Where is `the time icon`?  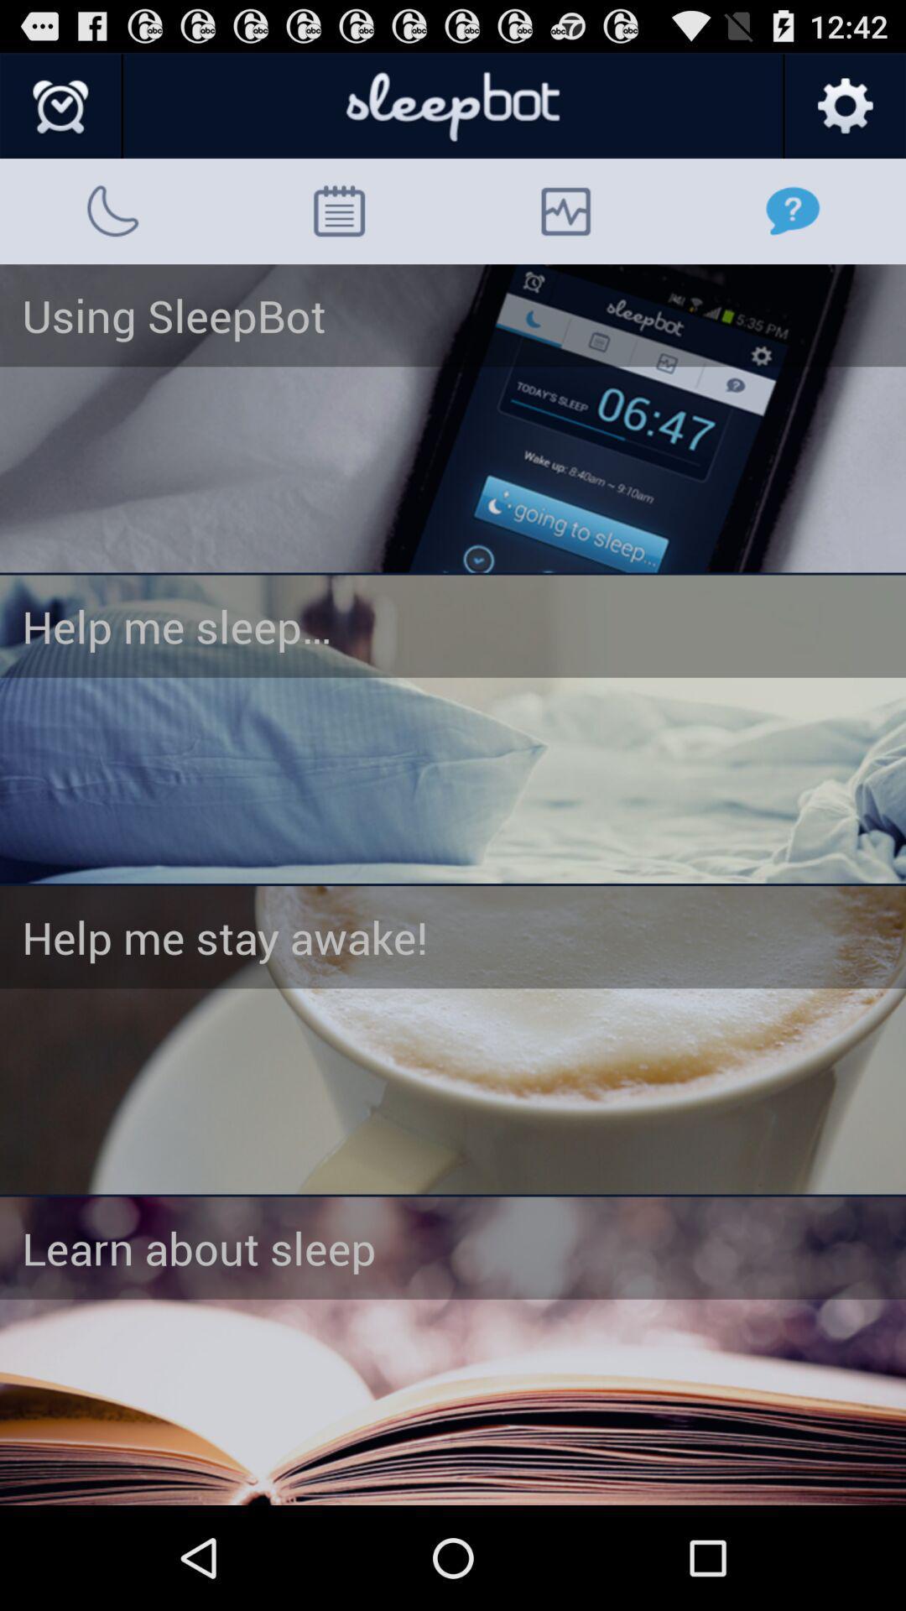 the time icon is located at coordinates (60, 113).